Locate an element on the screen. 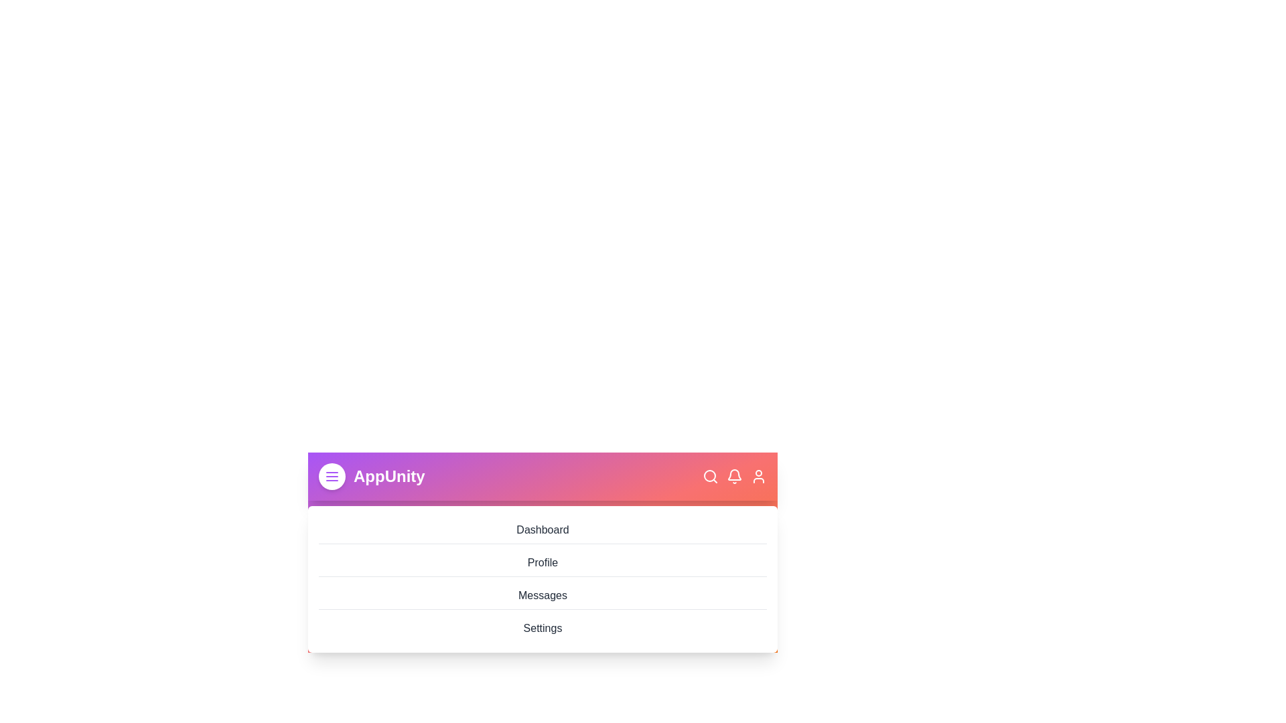  the menu item labeled Profile to navigate to the corresponding section is located at coordinates (543, 563).